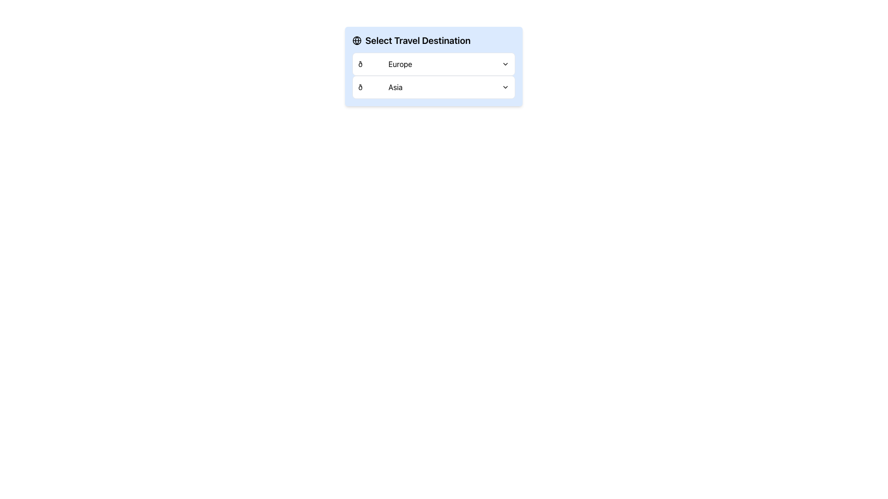  I want to click on the dropdown menu item labeled '🌏 Asia' to change its background color to light blue, so click(433, 87).